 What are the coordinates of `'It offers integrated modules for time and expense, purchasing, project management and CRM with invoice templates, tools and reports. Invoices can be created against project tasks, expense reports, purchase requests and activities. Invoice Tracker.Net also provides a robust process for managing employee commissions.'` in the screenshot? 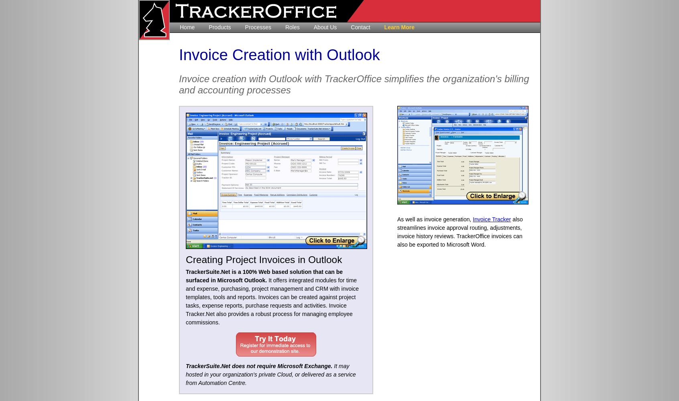 It's located at (272, 301).